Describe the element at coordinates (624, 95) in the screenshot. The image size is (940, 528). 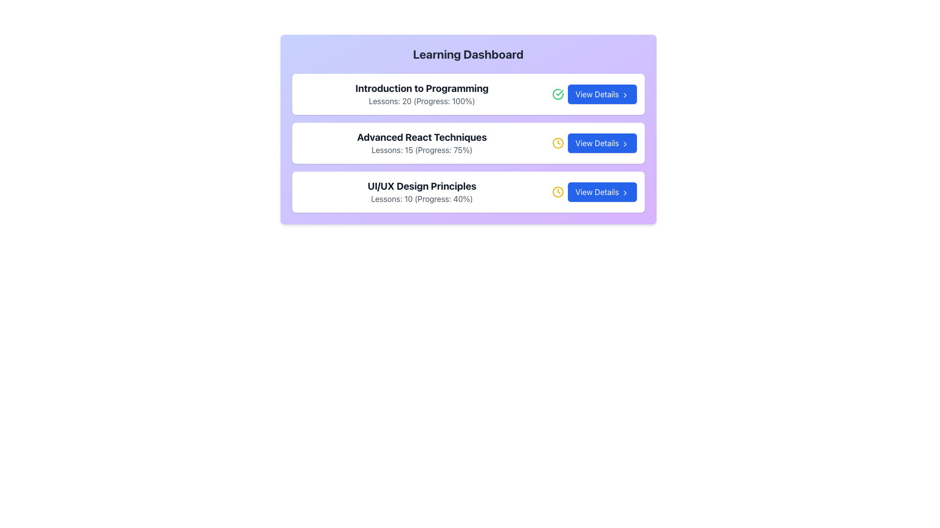
I see `the chevron arrow icon on the rightmost side of the 'View Details' button for 'Introduction to Programming' on the dashboard interface` at that location.